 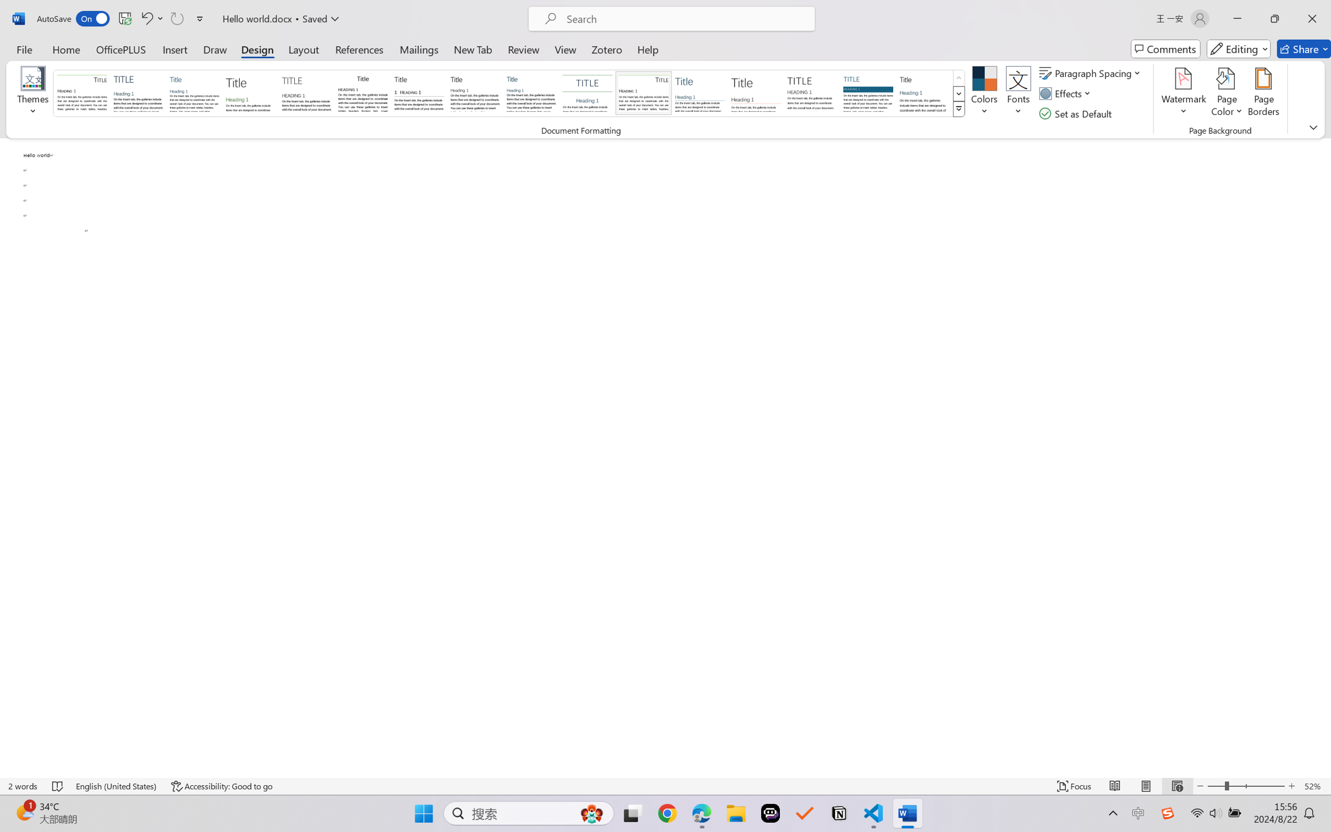 What do you see at coordinates (359, 48) in the screenshot?
I see `'References'` at bounding box center [359, 48].